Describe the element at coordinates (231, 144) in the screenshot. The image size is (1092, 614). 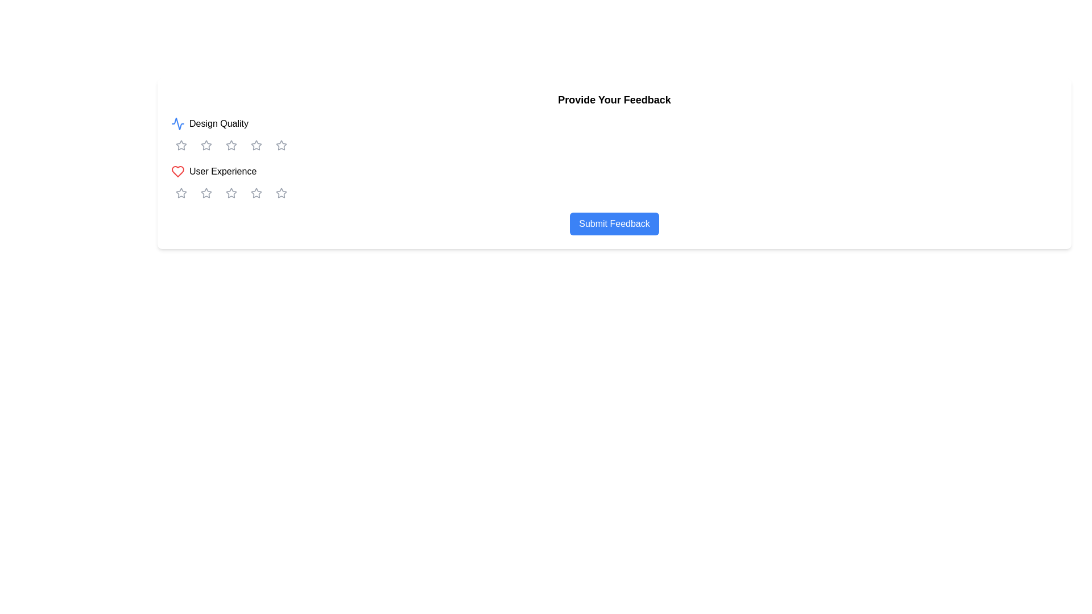
I see `the third star icon in the horizontal rating system under the 'Design Quality' section` at that location.